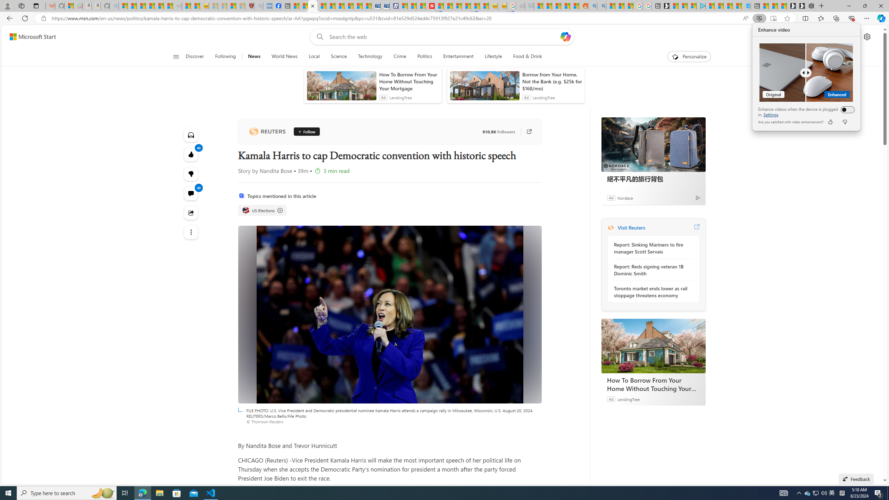 This screenshot has height=500, width=889. I want to click on 'Tray Input Indicator - Chinese (Simplified, China)', so click(807, 492).